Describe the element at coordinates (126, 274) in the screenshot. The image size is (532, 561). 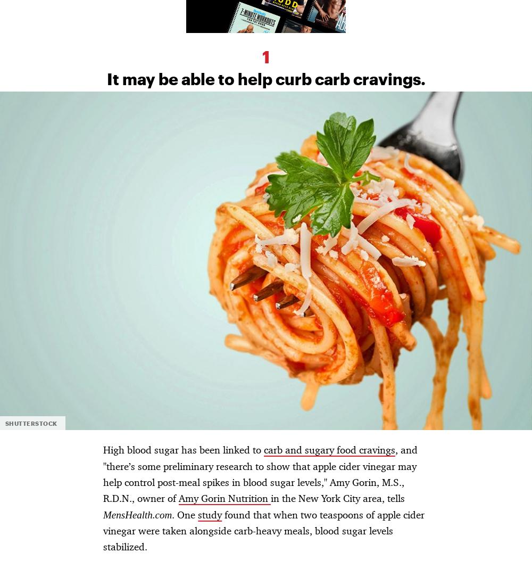
I see `'CA Notice at Collection'` at that location.